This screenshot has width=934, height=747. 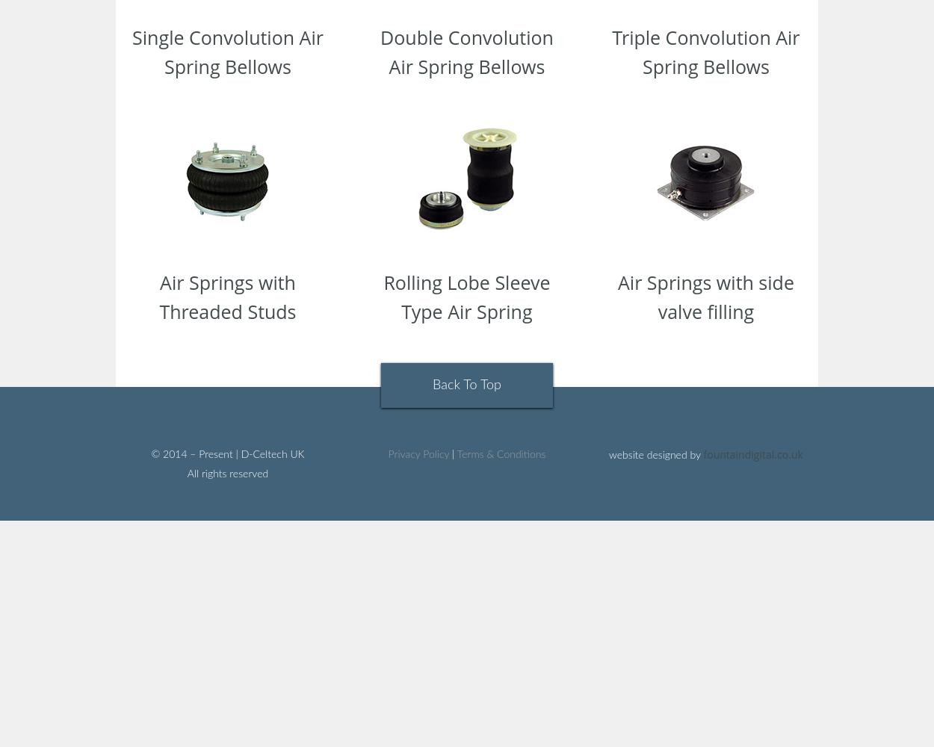 What do you see at coordinates (466, 51) in the screenshot?
I see `'Double Convolution Air Spring Bellows'` at bounding box center [466, 51].